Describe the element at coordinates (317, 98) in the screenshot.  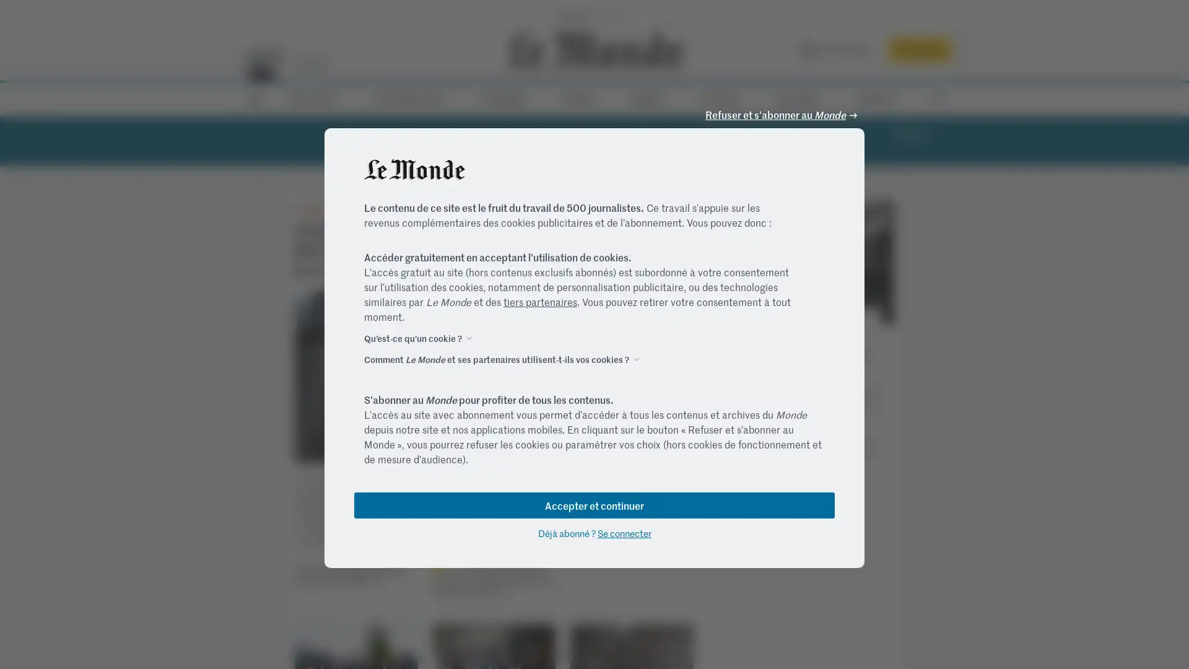
I see `ACTUALITES` at that location.